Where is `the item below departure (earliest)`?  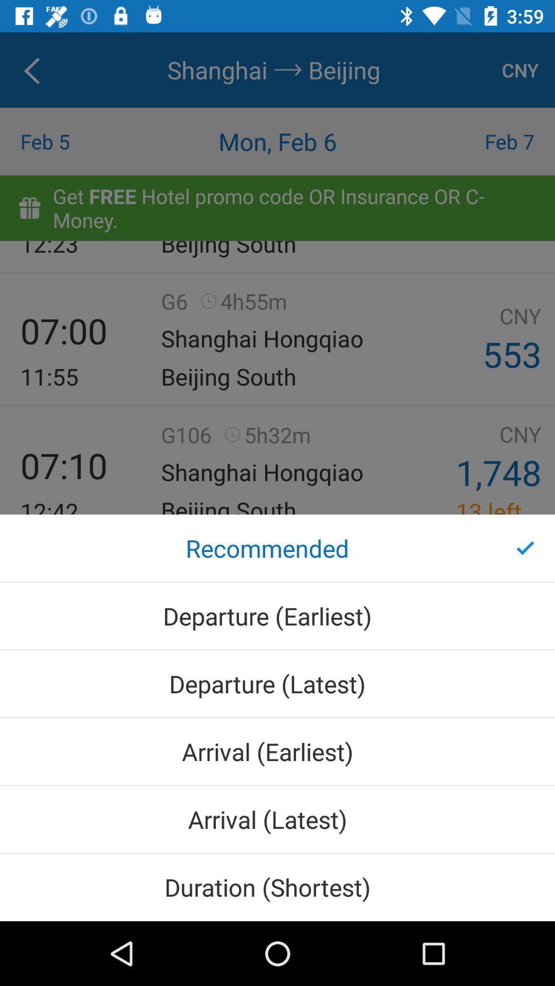
the item below departure (earliest) is located at coordinates (277, 684).